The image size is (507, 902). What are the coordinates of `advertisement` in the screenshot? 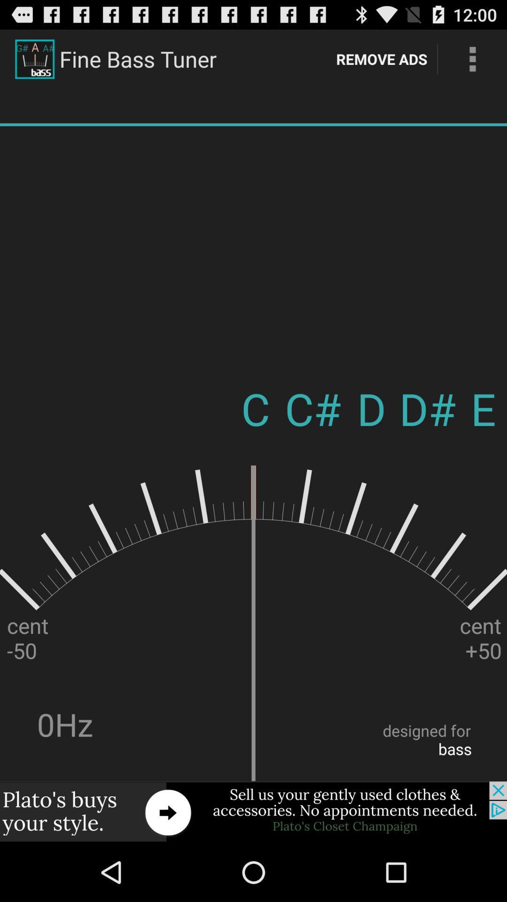 It's located at (253, 811).